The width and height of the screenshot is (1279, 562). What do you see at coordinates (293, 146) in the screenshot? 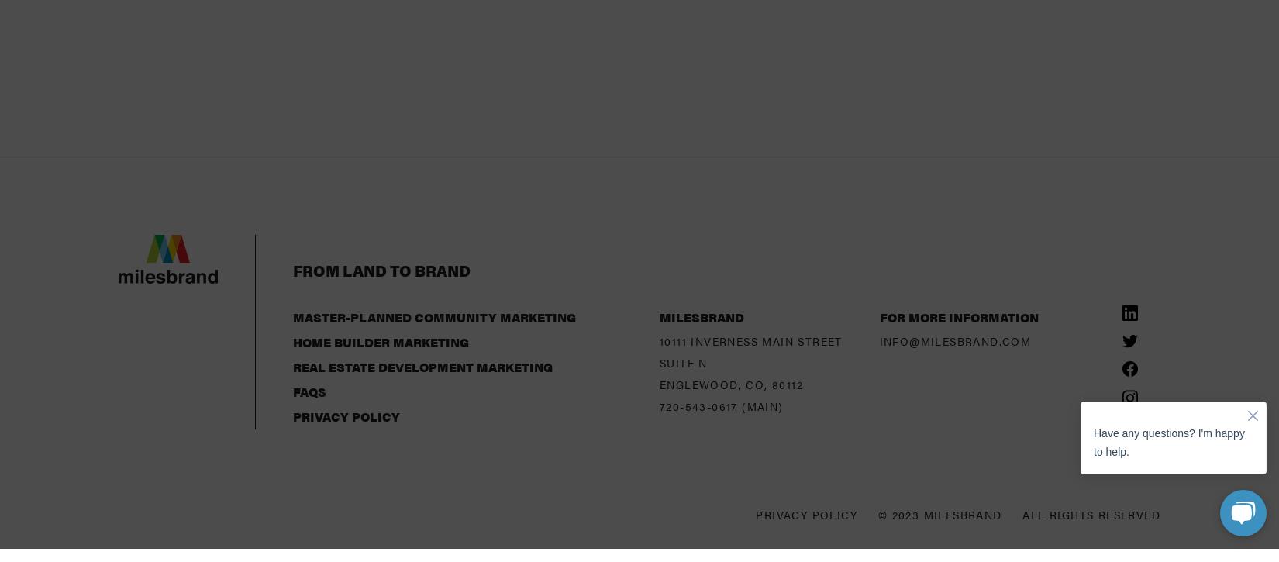
I see `'From Land to Brand'` at bounding box center [293, 146].